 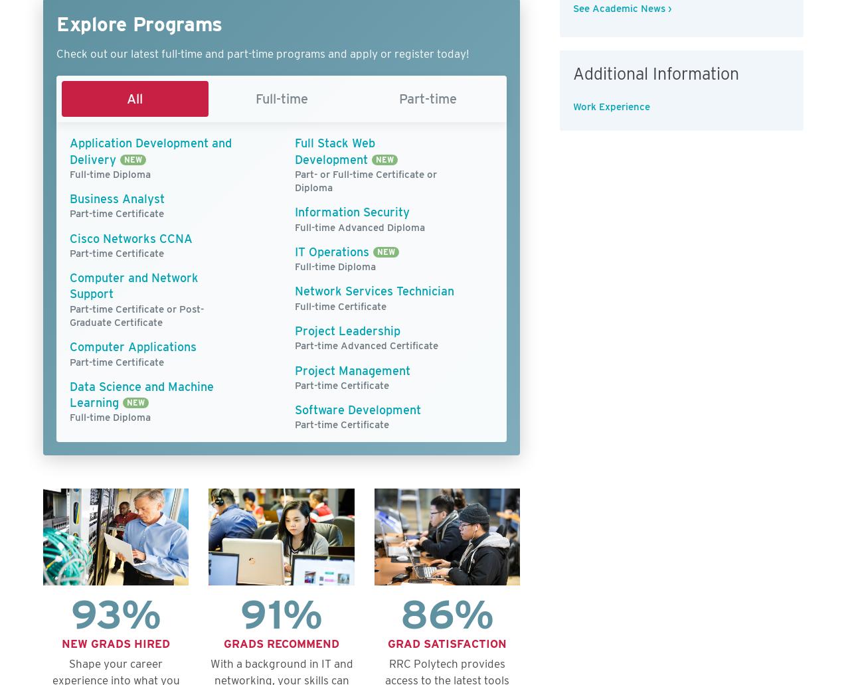 I want to click on 'Application Development and Delivery', so click(x=150, y=150).